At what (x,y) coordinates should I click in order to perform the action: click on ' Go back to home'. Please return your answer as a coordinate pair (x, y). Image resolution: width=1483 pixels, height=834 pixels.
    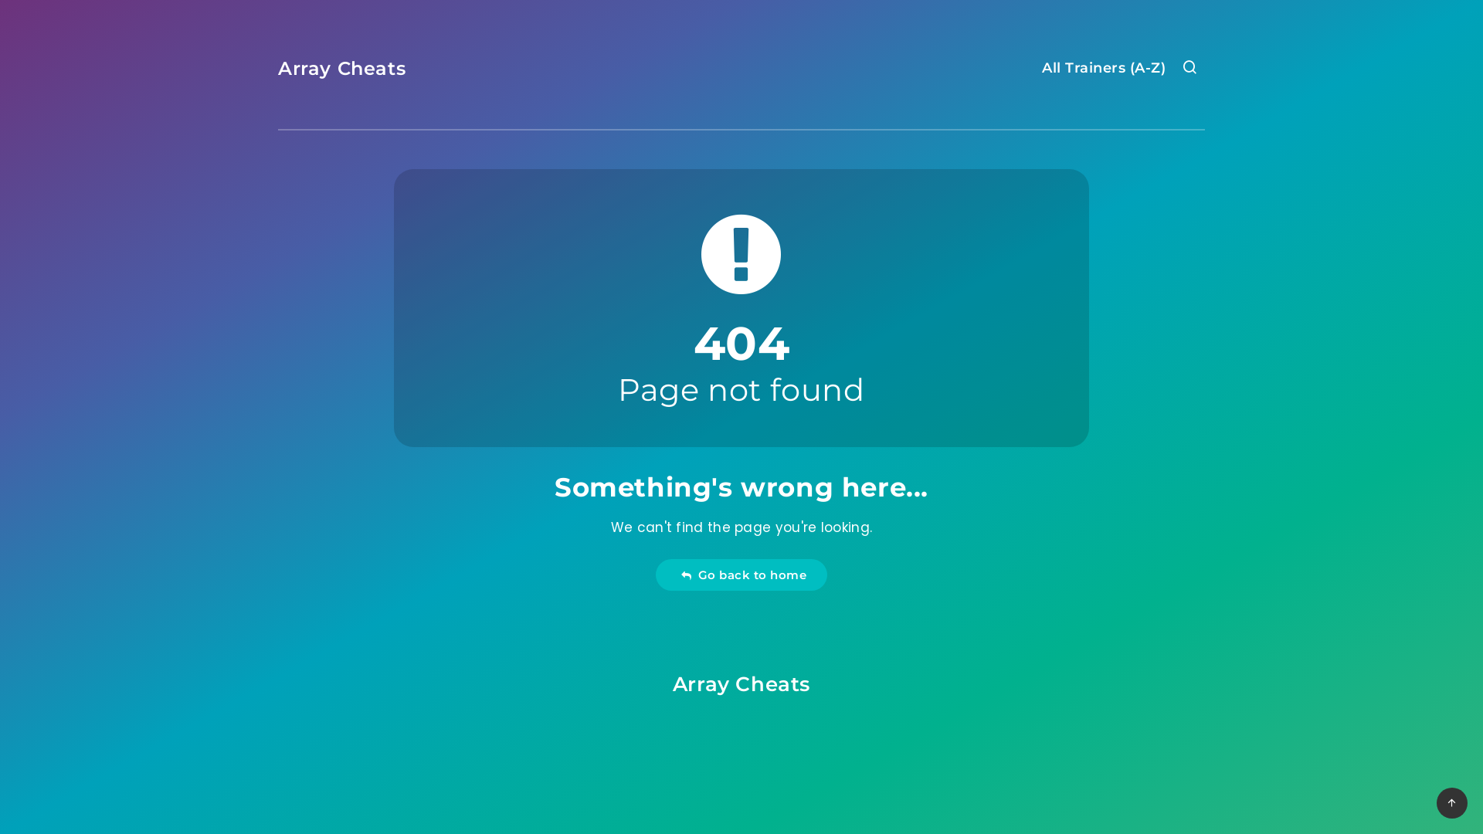
    Looking at the image, I should click on (741, 575).